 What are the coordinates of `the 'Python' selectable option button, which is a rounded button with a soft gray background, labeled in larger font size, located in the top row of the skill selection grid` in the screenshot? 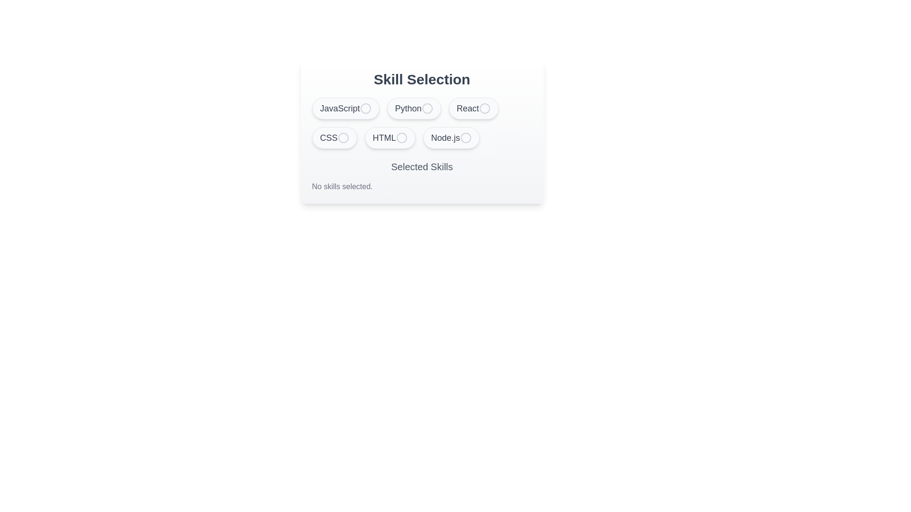 It's located at (414, 108).